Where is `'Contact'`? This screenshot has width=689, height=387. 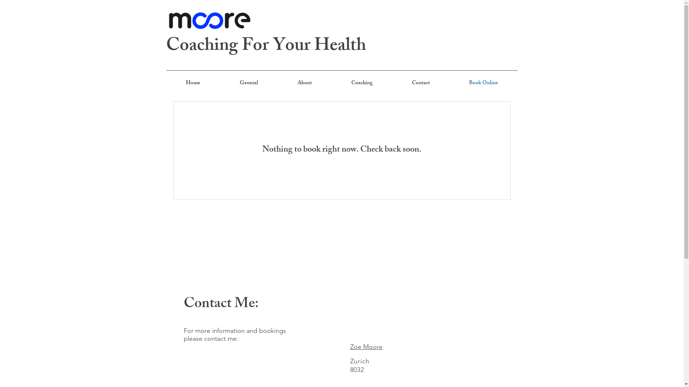
'Contact' is located at coordinates (420, 83).